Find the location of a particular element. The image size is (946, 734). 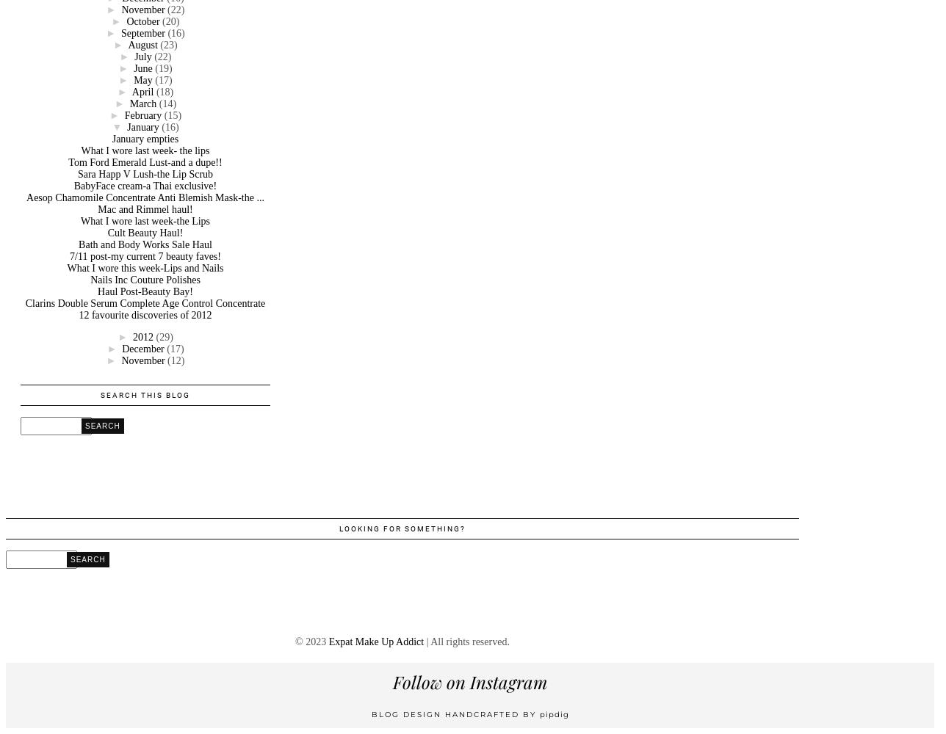

'September' is located at coordinates (142, 32).